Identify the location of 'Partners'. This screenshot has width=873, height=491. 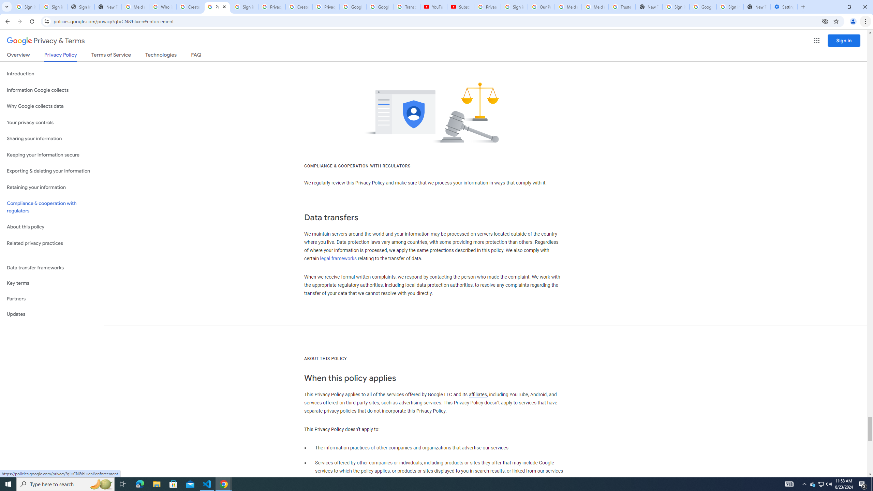
(51, 299).